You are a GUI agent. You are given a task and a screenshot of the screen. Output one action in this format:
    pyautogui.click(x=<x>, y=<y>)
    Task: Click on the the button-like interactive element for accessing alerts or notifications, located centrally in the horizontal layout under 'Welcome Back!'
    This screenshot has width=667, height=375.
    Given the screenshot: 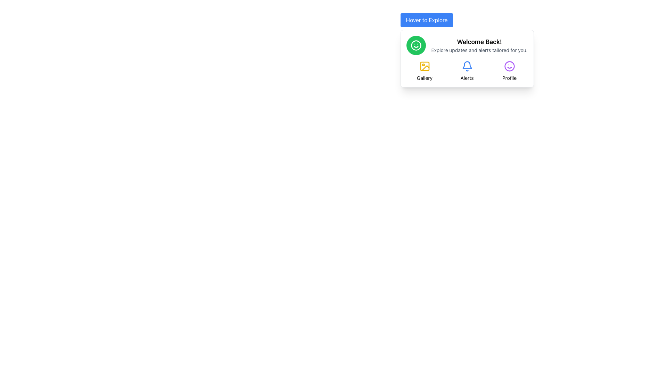 What is the action you would take?
    pyautogui.click(x=467, y=71)
    